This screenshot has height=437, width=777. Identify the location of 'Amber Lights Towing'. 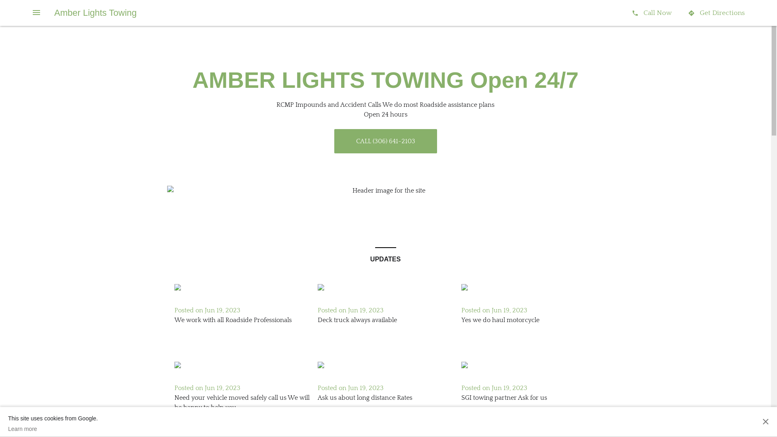
(95, 13).